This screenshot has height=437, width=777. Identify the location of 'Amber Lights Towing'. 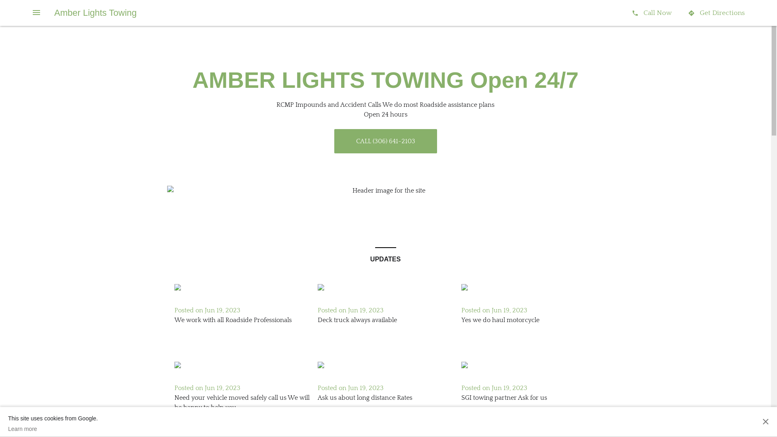
(95, 13).